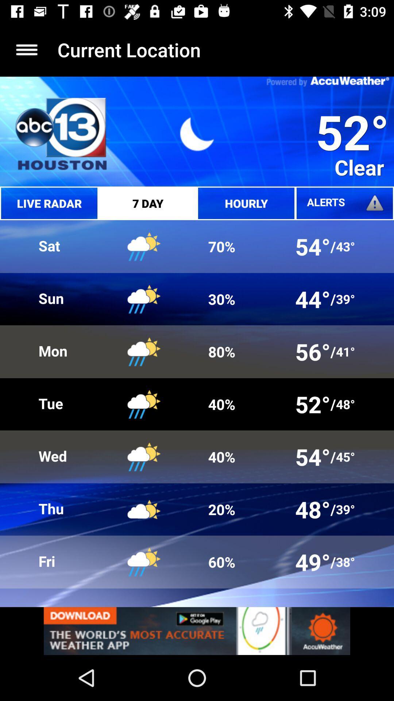  Describe the element at coordinates (26, 49) in the screenshot. I see `expand menu` at that location.